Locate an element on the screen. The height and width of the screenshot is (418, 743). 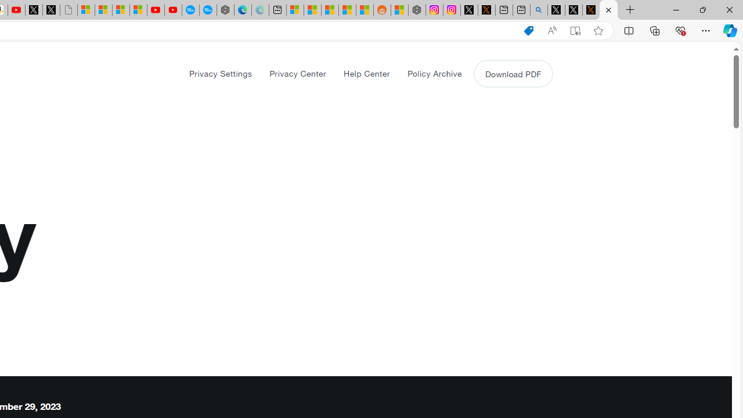
'Privacy Center' is located at coordinates (298, 73).